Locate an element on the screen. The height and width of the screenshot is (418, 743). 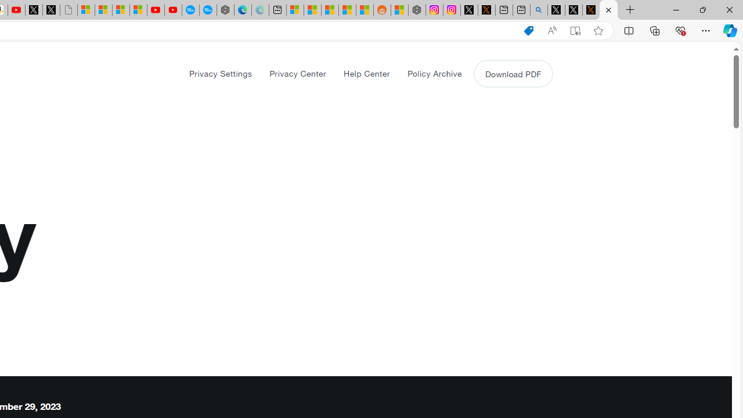
'Privacy Center' is located at coordinates (298, 73).